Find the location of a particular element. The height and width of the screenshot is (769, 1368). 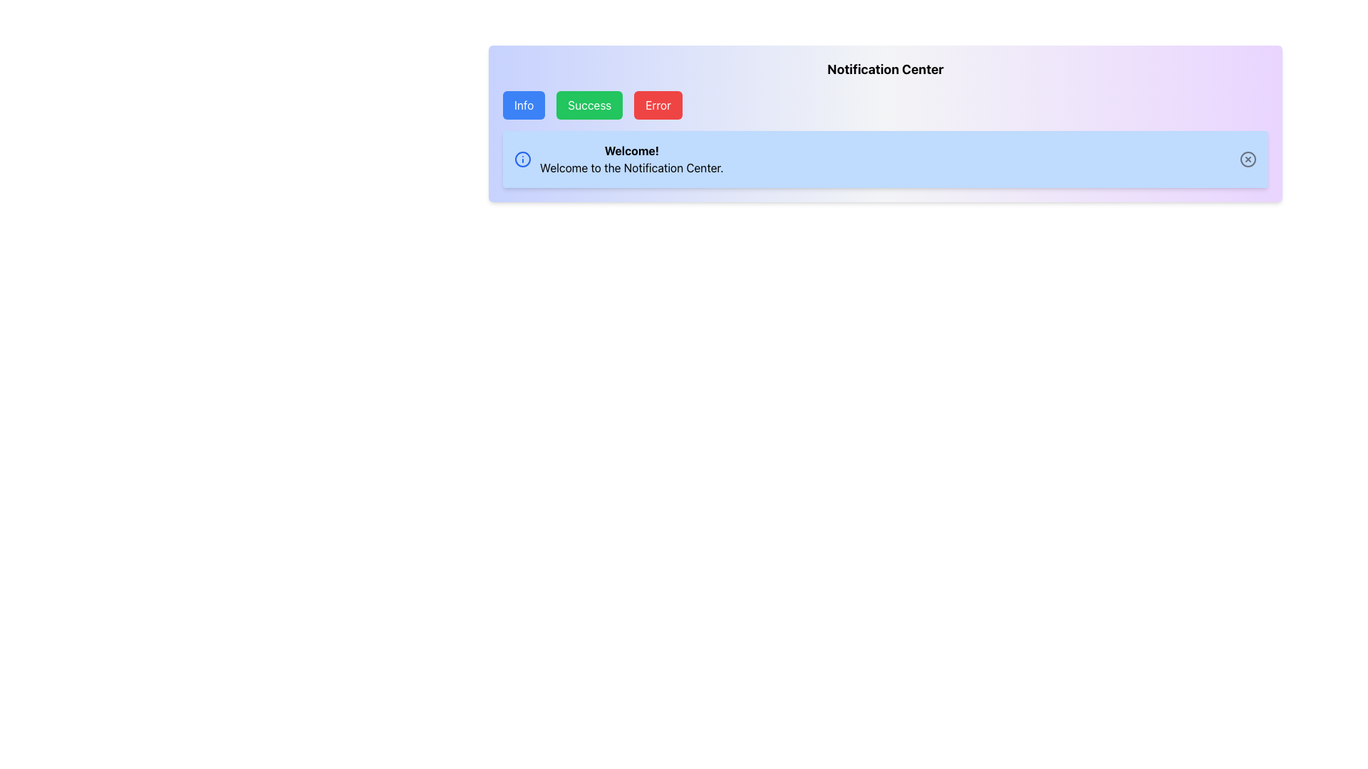

the circular light blue icon with an 'i' symbol, positioned to the left of the text label 'Welcome! Welcome to the Notification Center.' is located at coordinates (522, 159).